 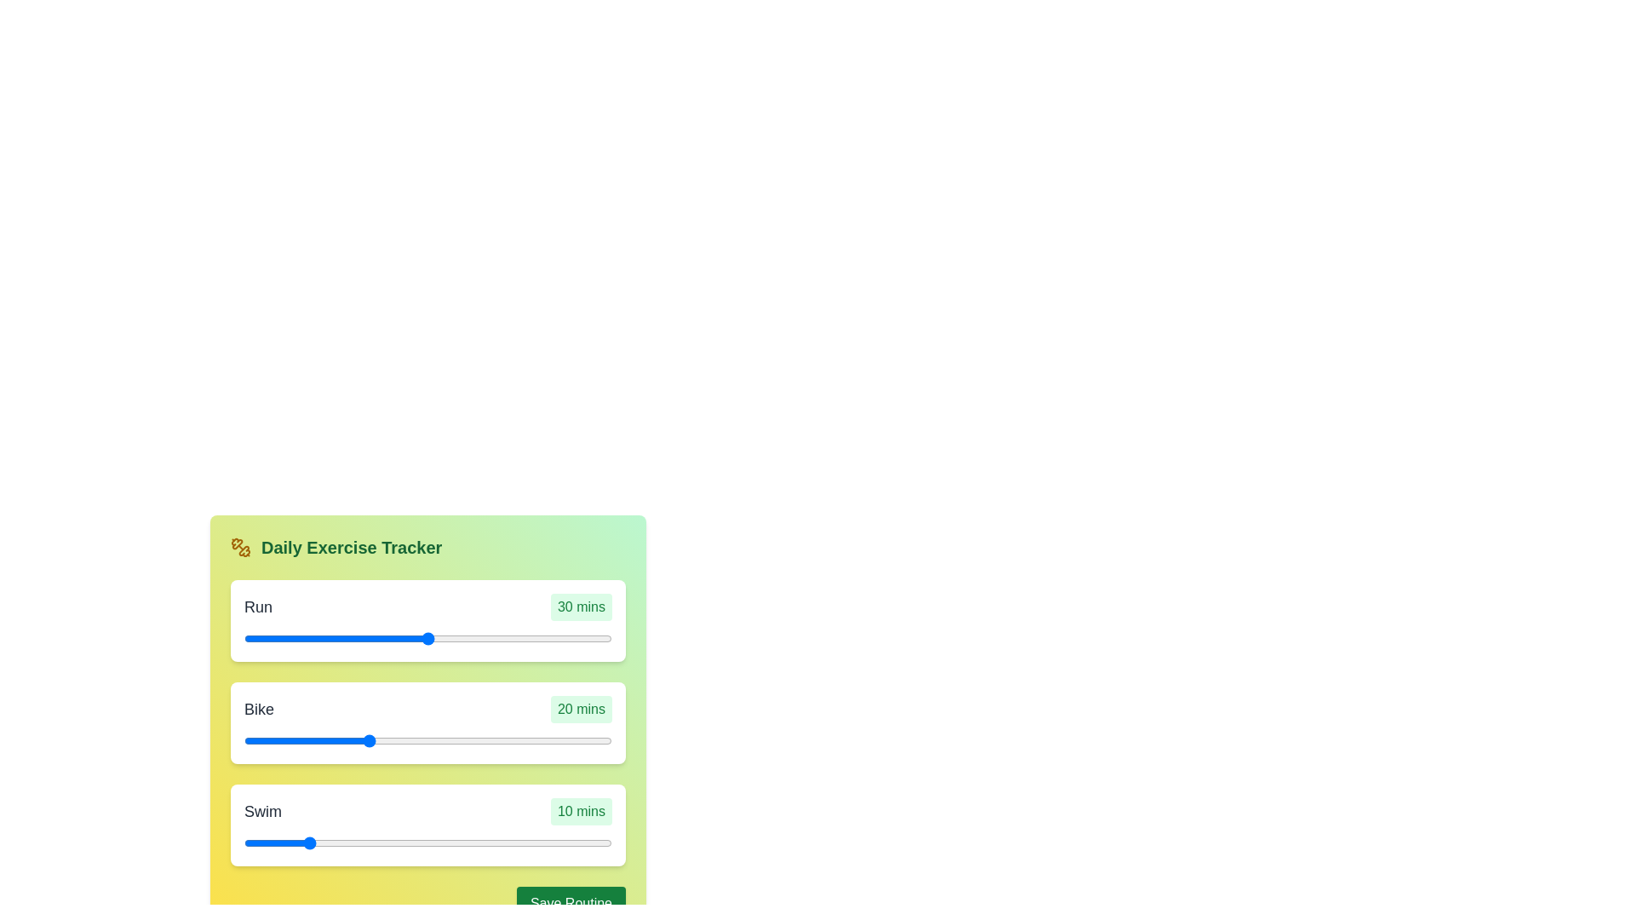 What do you see at coordinates (599, 740) in the screenshot?
I see `the duration of the 1 slider to 56 minutes` at bounding box center [599, 740].